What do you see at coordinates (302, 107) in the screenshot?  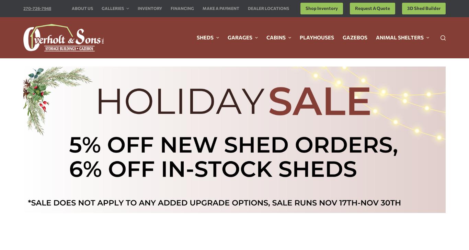 I see `'at our'` at bounding box center [302, 107].